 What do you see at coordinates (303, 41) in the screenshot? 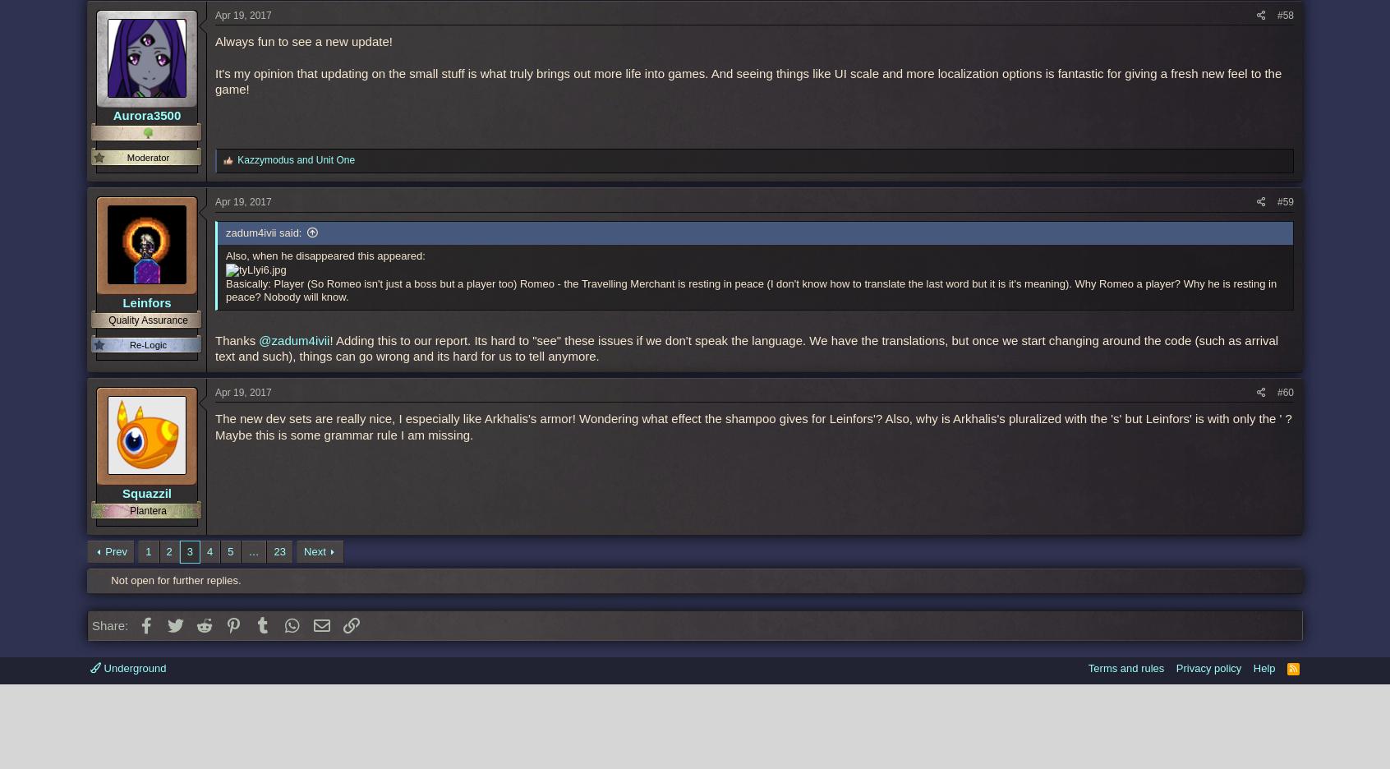
I see `'Always fun to see a new update!'` at bounding box center [303, 41].